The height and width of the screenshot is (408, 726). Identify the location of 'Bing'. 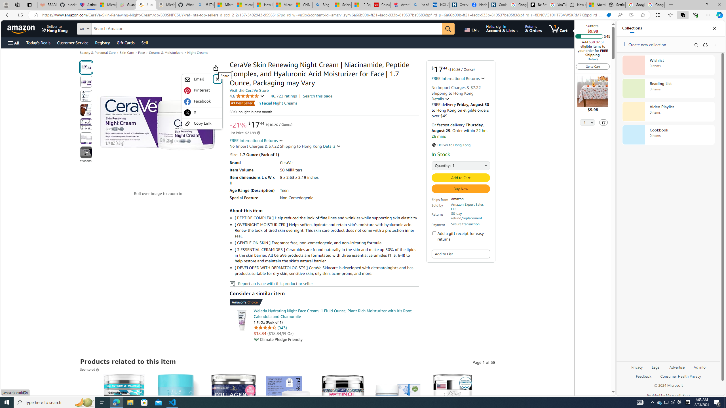
(322, 5).